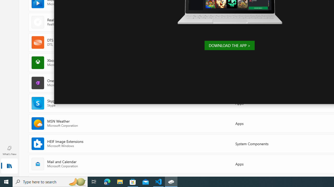 Image resolution: width=334 pixels, height=187 pixels. I want to click on 'What', so click(9, 150).